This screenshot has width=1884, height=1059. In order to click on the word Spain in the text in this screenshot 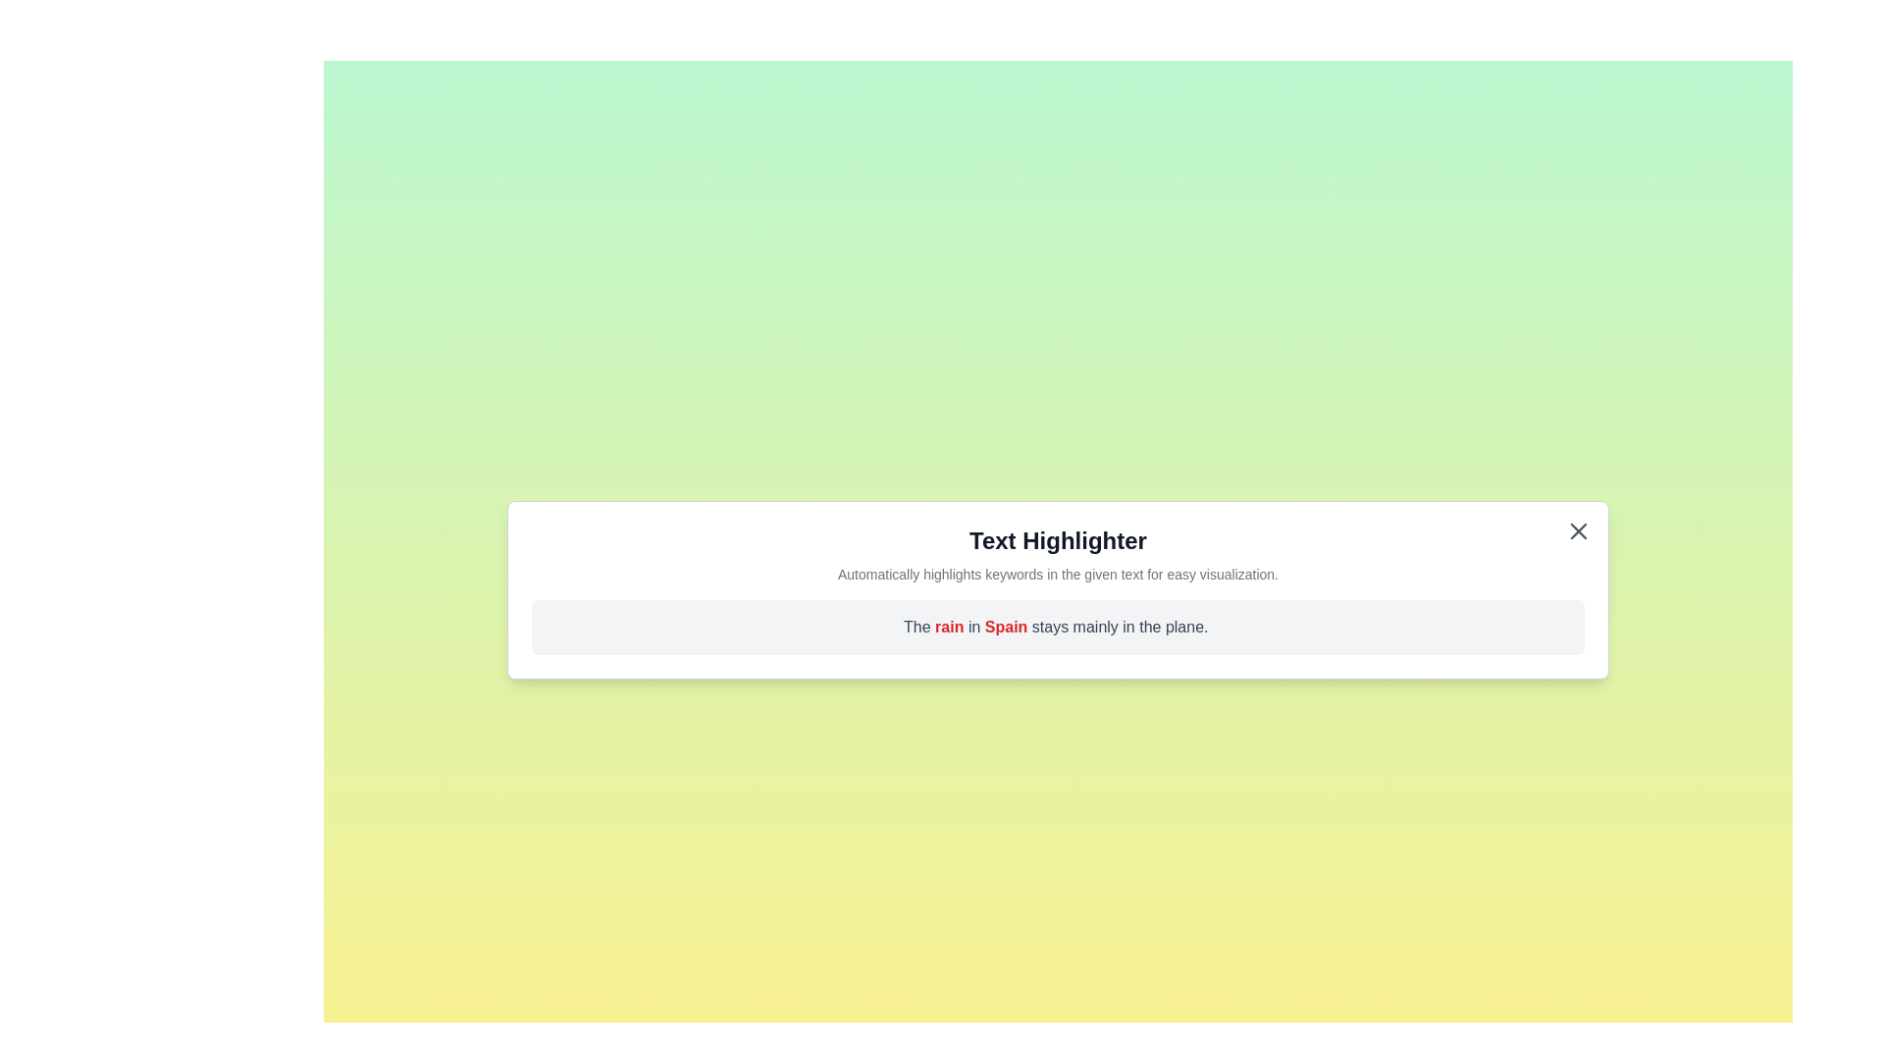, I will do `click(1008, 627)`.